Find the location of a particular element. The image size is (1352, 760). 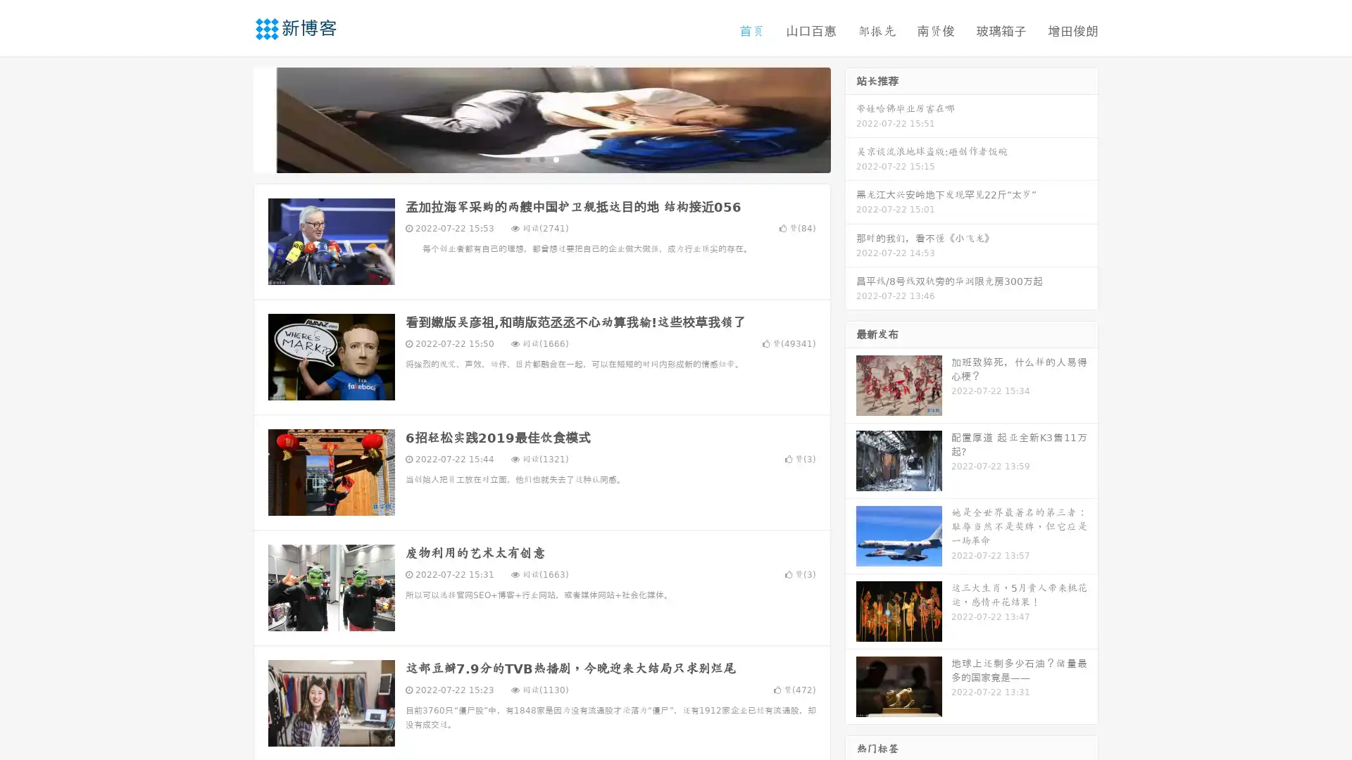

Go to slide 3 is located at coordinates (556, 158).